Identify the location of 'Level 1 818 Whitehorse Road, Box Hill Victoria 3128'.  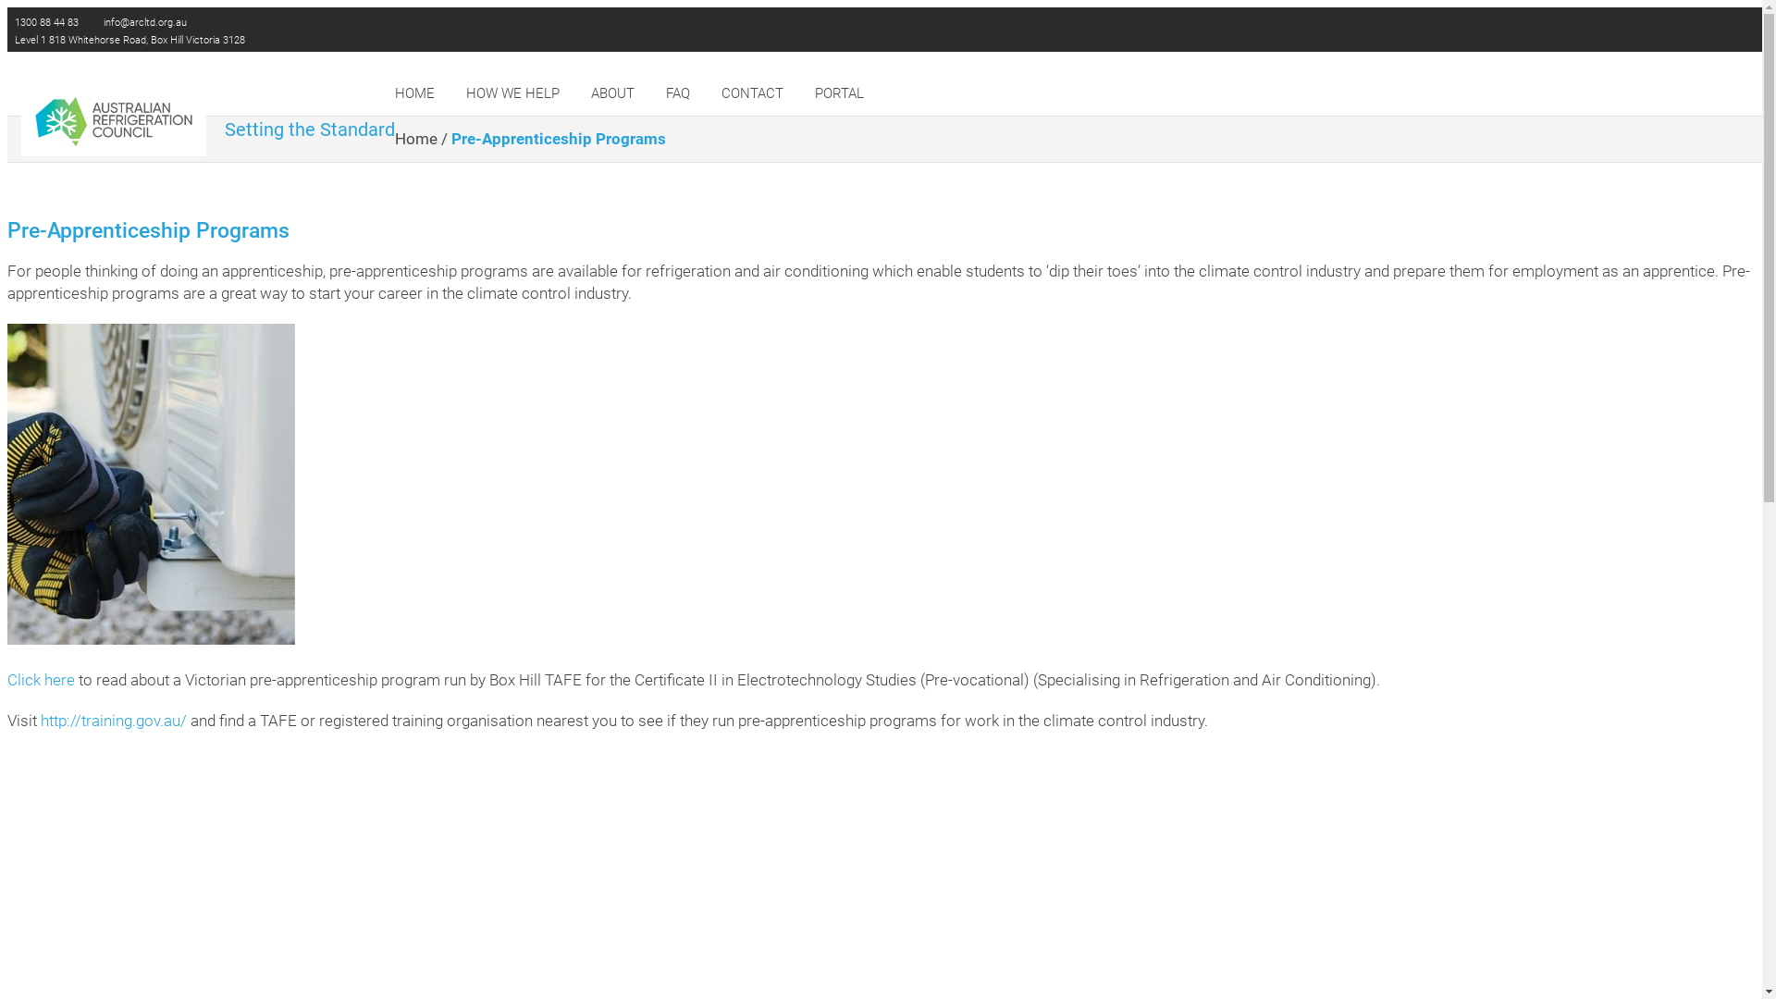
(128, 40).